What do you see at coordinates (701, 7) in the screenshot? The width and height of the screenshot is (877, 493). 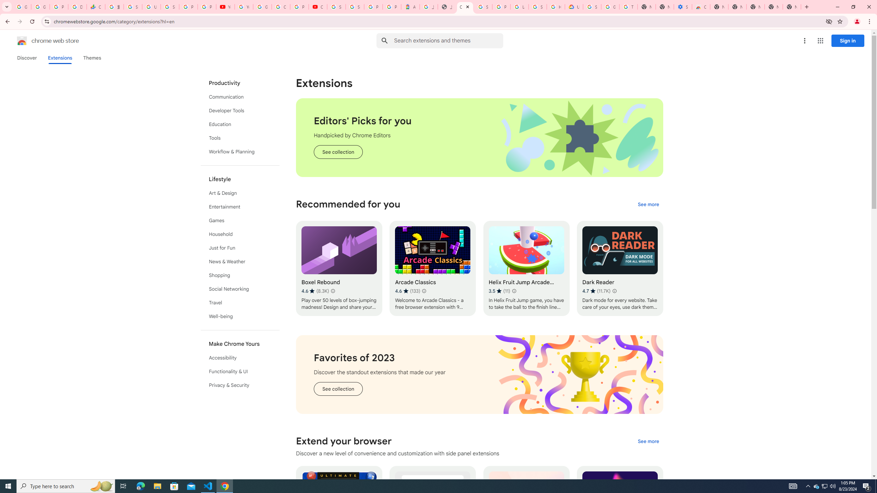 I see `'Chrome Web Store - Accessibility extensions'` at bounding box center [701, 7].